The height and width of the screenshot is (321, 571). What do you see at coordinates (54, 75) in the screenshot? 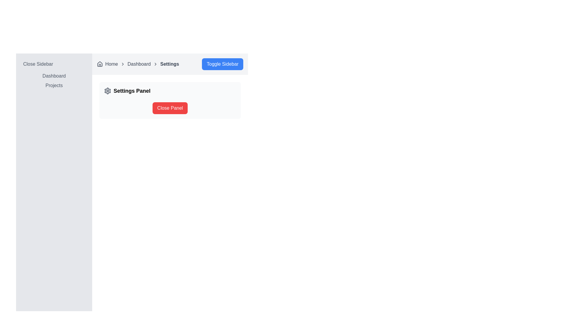
I see `the 'Dashboard' label in the left-hand sidebar, which is the first item beneath 'Close Sidebar' and above 'Projects'` at bounding box center [54, 75].